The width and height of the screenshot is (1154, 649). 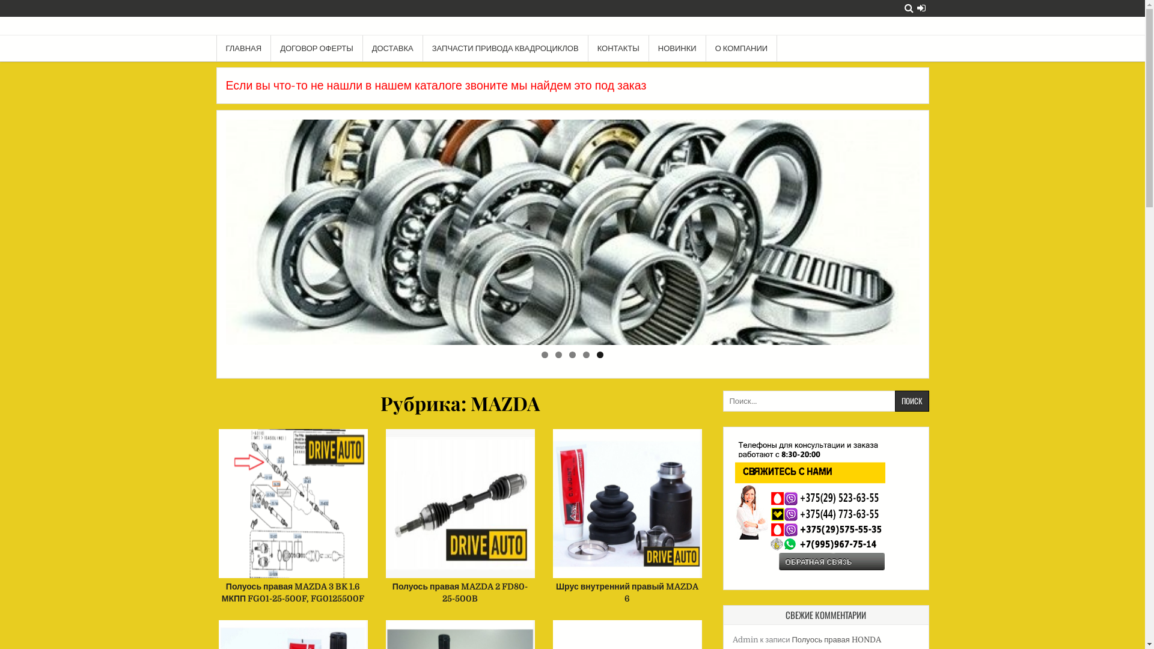 I want to click on 'Login / Register', so click(x=920, y=8).